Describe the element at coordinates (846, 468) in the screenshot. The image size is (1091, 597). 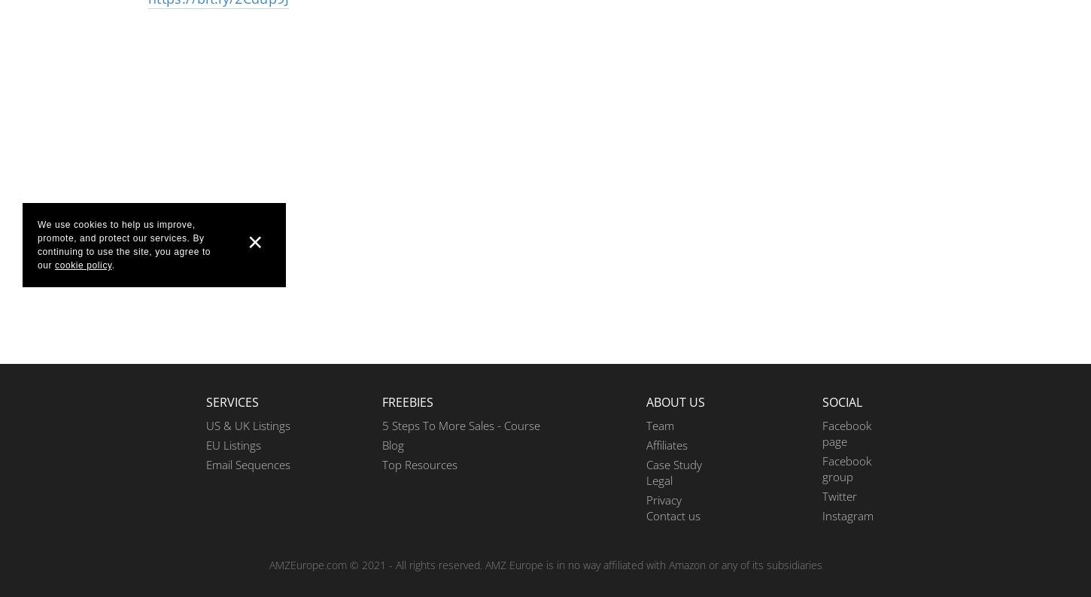
I see `'Facebook group'` at that location.